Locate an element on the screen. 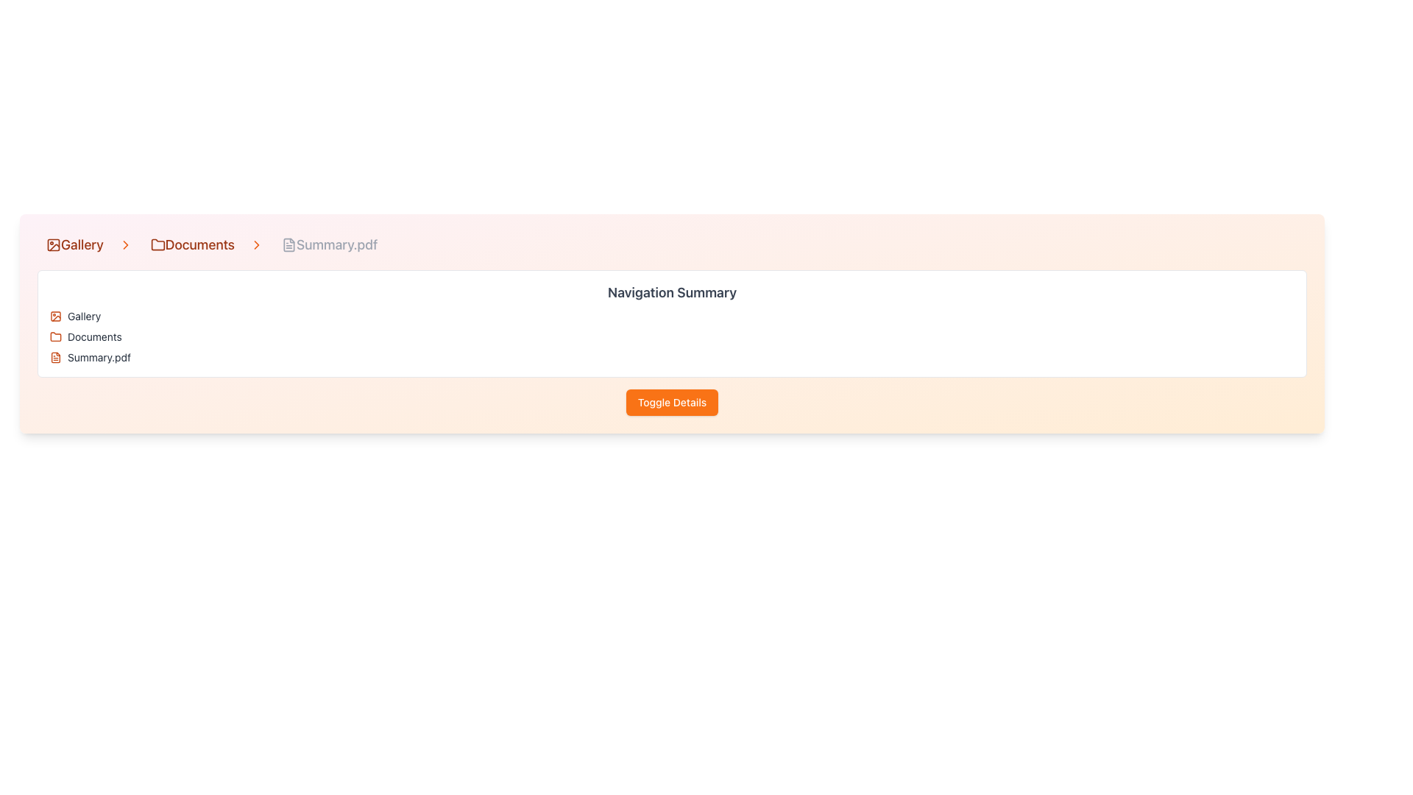 Image resolution: width=1413 pixels, height=795 pixels. the minimalist folder icon located between 'Gallery' and 'Summary.pdf' in the breadcrumb navigation bar is located at coordinates (157, 244).